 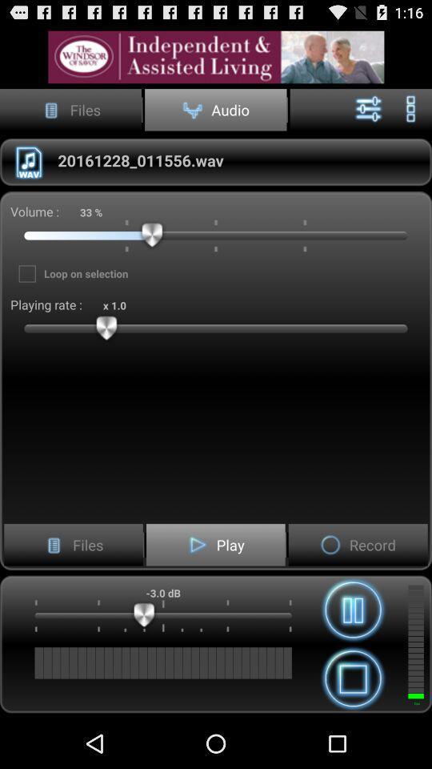 I want to click on the sliders icon, so click(x=369, y=115).